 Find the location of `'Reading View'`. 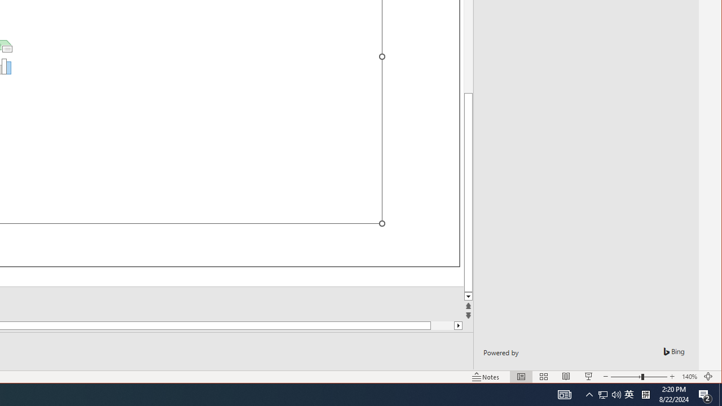

'Reading View' is located at coordinates (566, 377).